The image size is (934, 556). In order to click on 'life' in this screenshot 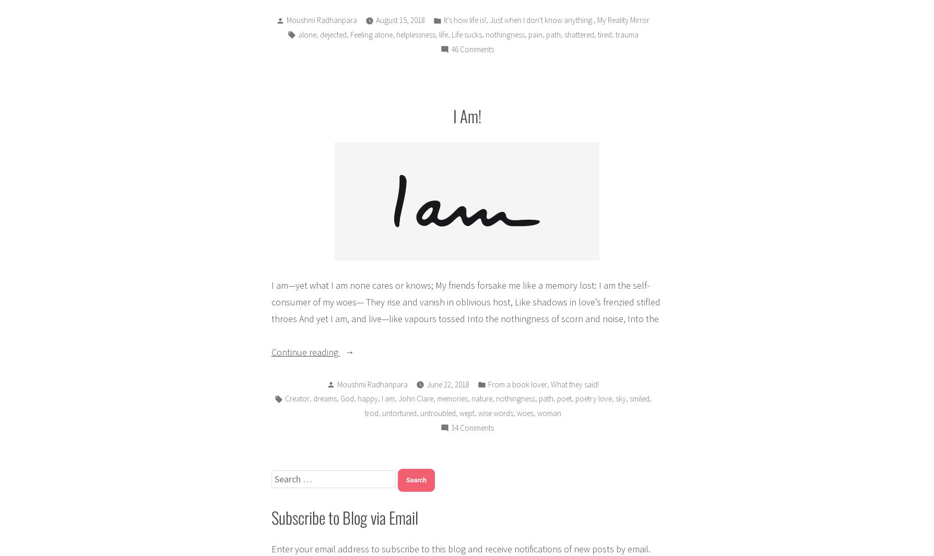, I will do `click(443, 34)`.